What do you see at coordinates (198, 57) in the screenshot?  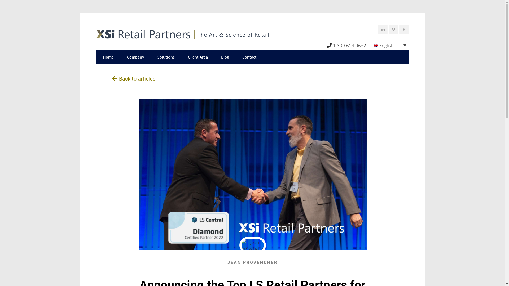 I see `'Client Area'` at bounding box center [198, 57].